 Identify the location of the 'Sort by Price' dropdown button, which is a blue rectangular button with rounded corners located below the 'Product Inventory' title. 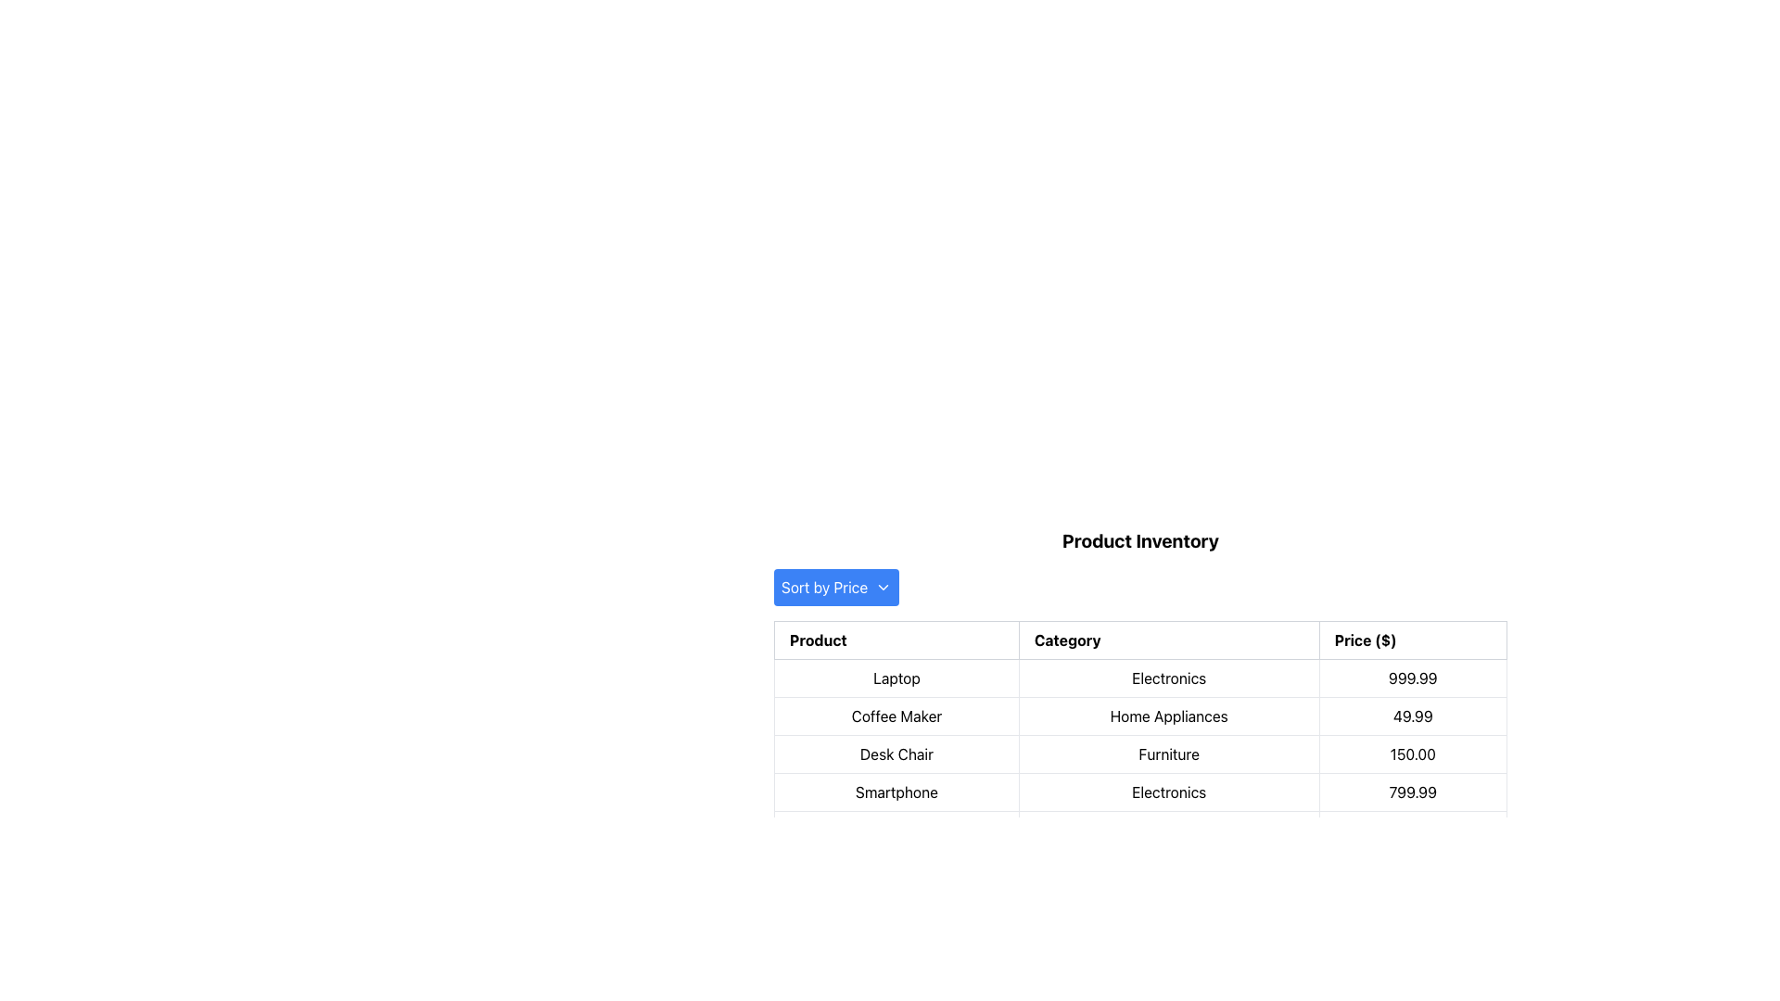
(835, 587).